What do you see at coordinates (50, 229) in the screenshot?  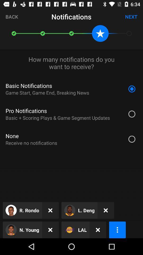 I see `the close icon` at bounding box center [50, 229].